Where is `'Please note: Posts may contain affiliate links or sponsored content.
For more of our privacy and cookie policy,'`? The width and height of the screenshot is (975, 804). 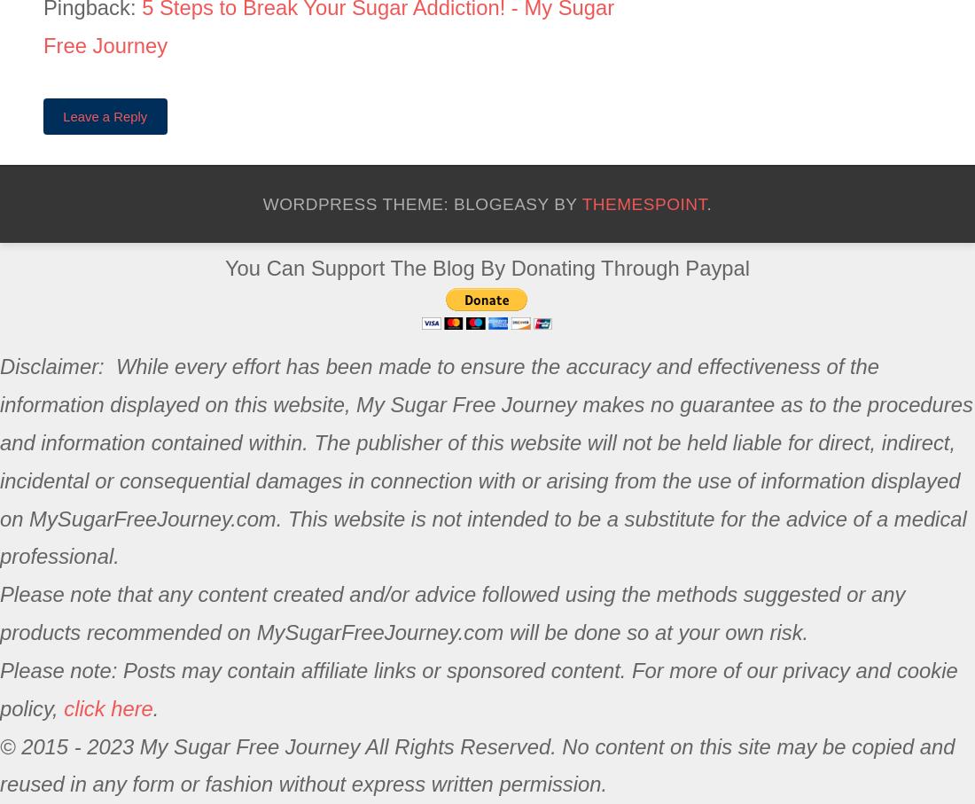
'Please note: Posts may contain affiliate links or sponsored content.
For more of our privacy and cookie policy,' is located at coordinates (478, 688).